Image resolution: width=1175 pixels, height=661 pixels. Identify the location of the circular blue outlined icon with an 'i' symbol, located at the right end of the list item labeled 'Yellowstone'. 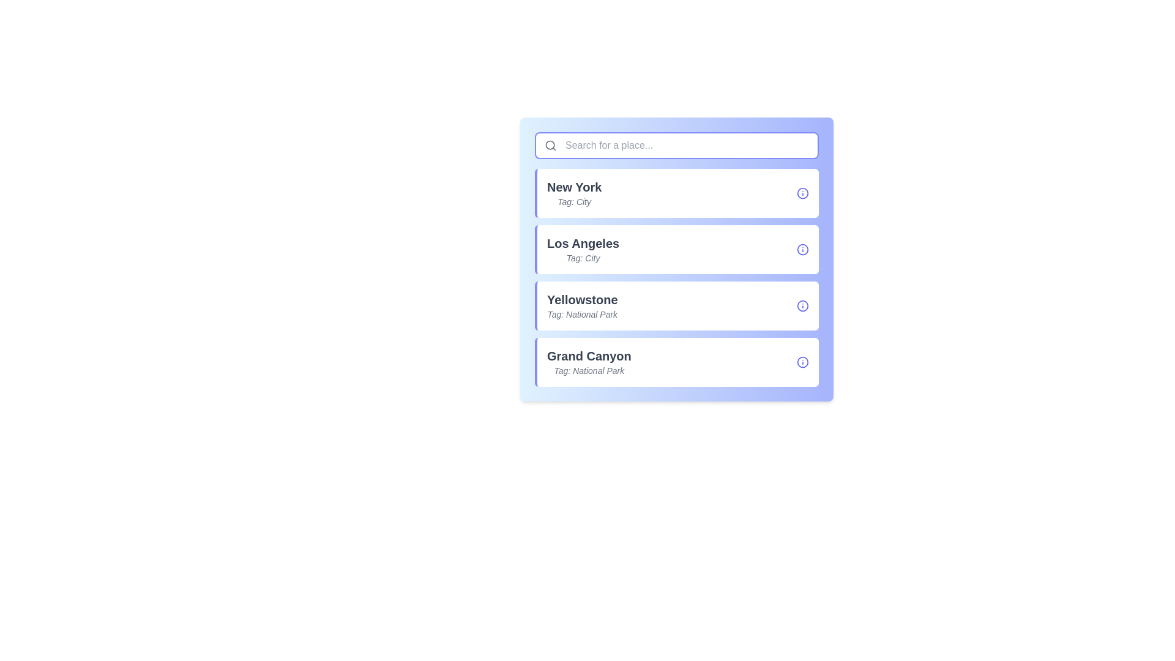
(802, 305).